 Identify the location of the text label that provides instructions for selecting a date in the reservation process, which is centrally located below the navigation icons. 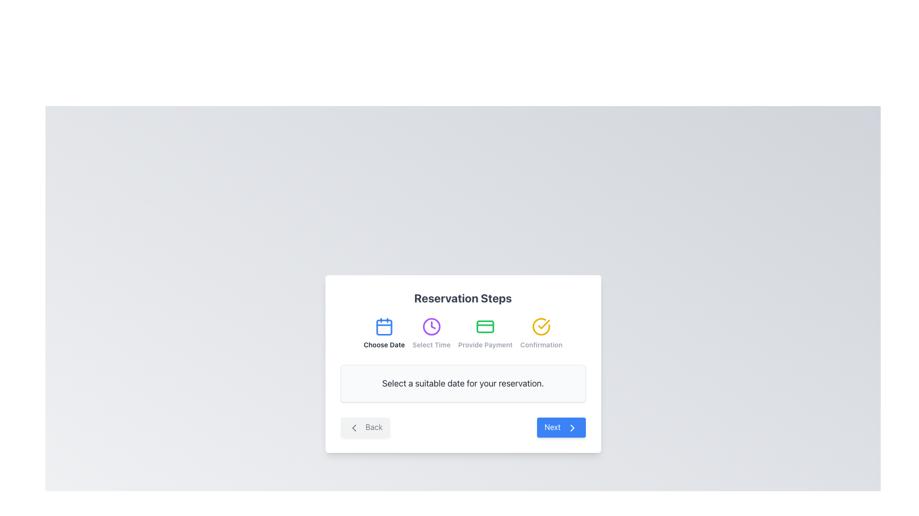
(463, 383).